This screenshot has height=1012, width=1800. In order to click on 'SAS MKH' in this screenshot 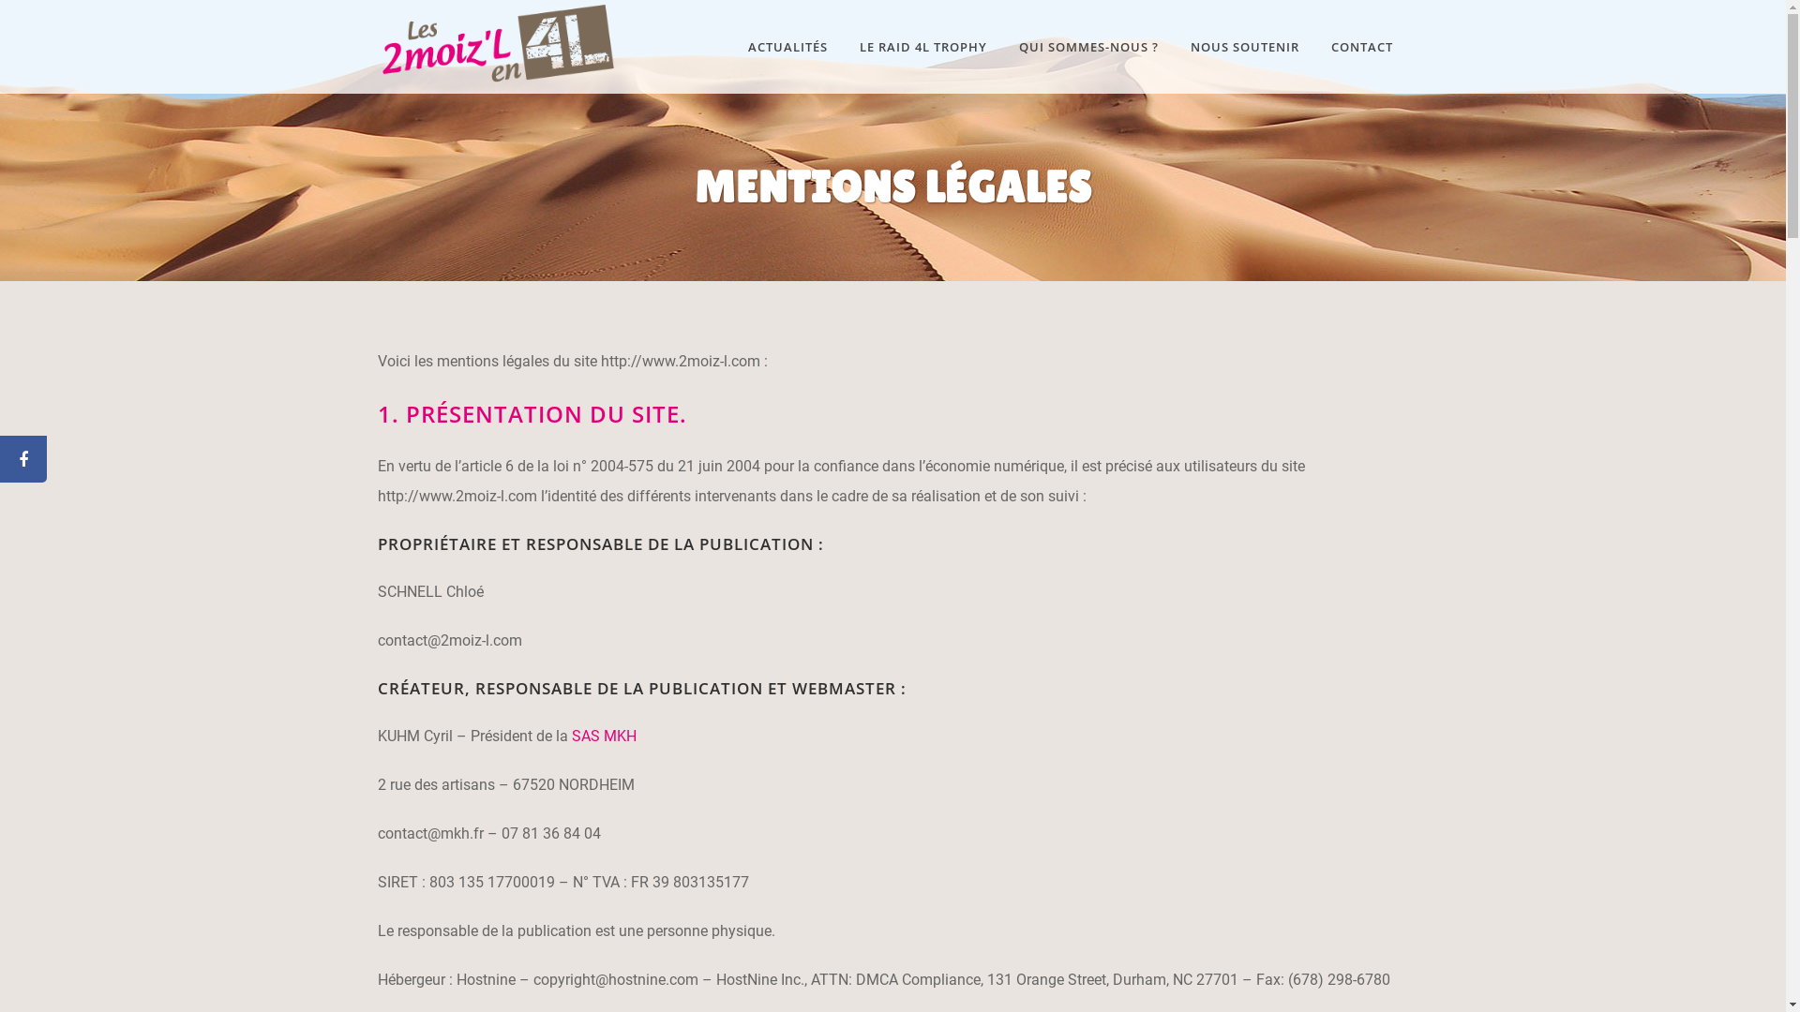, I will do `click(604, 735)`.